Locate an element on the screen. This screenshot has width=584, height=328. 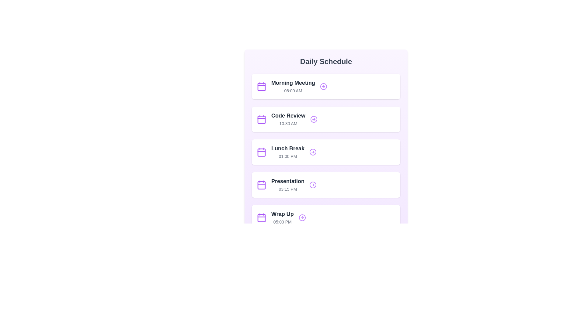
displayed time '08:00 AM' from the static text label located below the 'Morning Meeting' title in the first schedule card of the 'Daily Schedule' section is located at coordinates (293, 91).